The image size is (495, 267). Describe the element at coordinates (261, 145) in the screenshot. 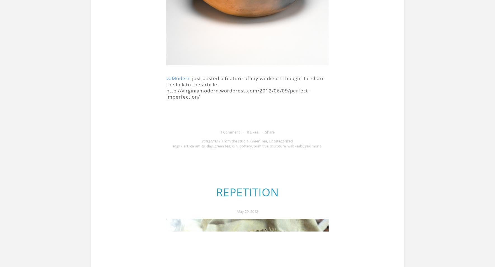

I see `'primitive'` at that location.